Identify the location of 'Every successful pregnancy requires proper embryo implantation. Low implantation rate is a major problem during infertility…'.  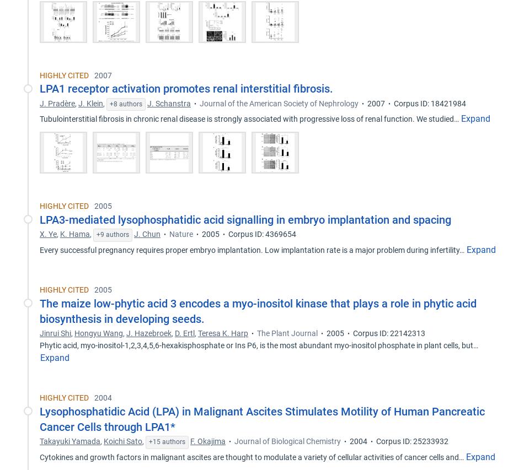
(252, 250).